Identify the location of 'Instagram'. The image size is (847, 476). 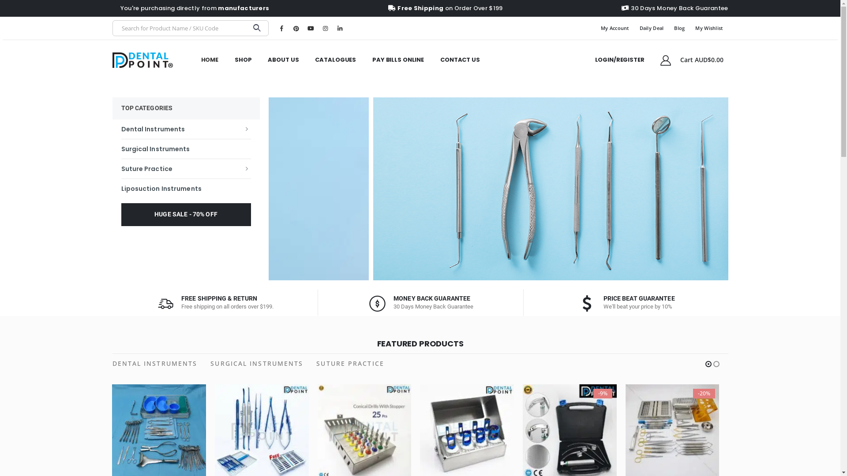
(319, 28).